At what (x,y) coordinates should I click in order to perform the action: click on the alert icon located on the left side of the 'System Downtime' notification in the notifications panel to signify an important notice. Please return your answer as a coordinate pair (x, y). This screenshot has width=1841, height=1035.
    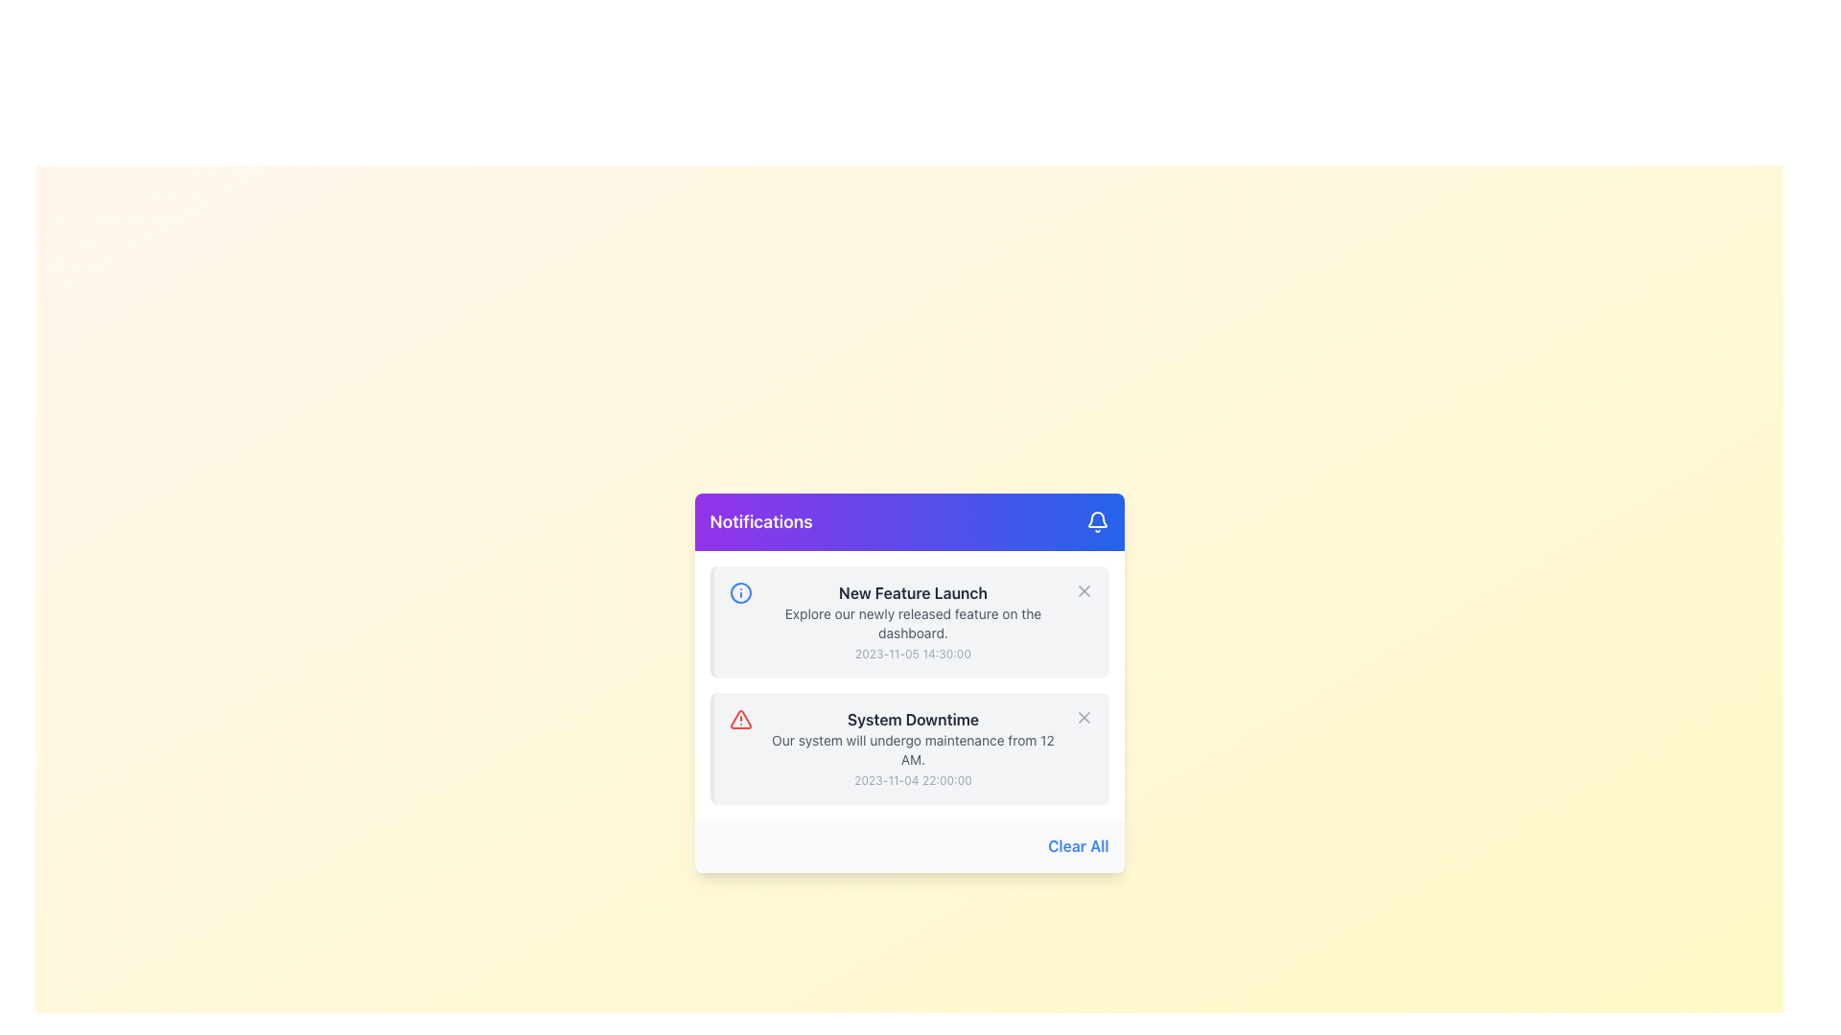
    Looking at the image, I should click on (739, 720).